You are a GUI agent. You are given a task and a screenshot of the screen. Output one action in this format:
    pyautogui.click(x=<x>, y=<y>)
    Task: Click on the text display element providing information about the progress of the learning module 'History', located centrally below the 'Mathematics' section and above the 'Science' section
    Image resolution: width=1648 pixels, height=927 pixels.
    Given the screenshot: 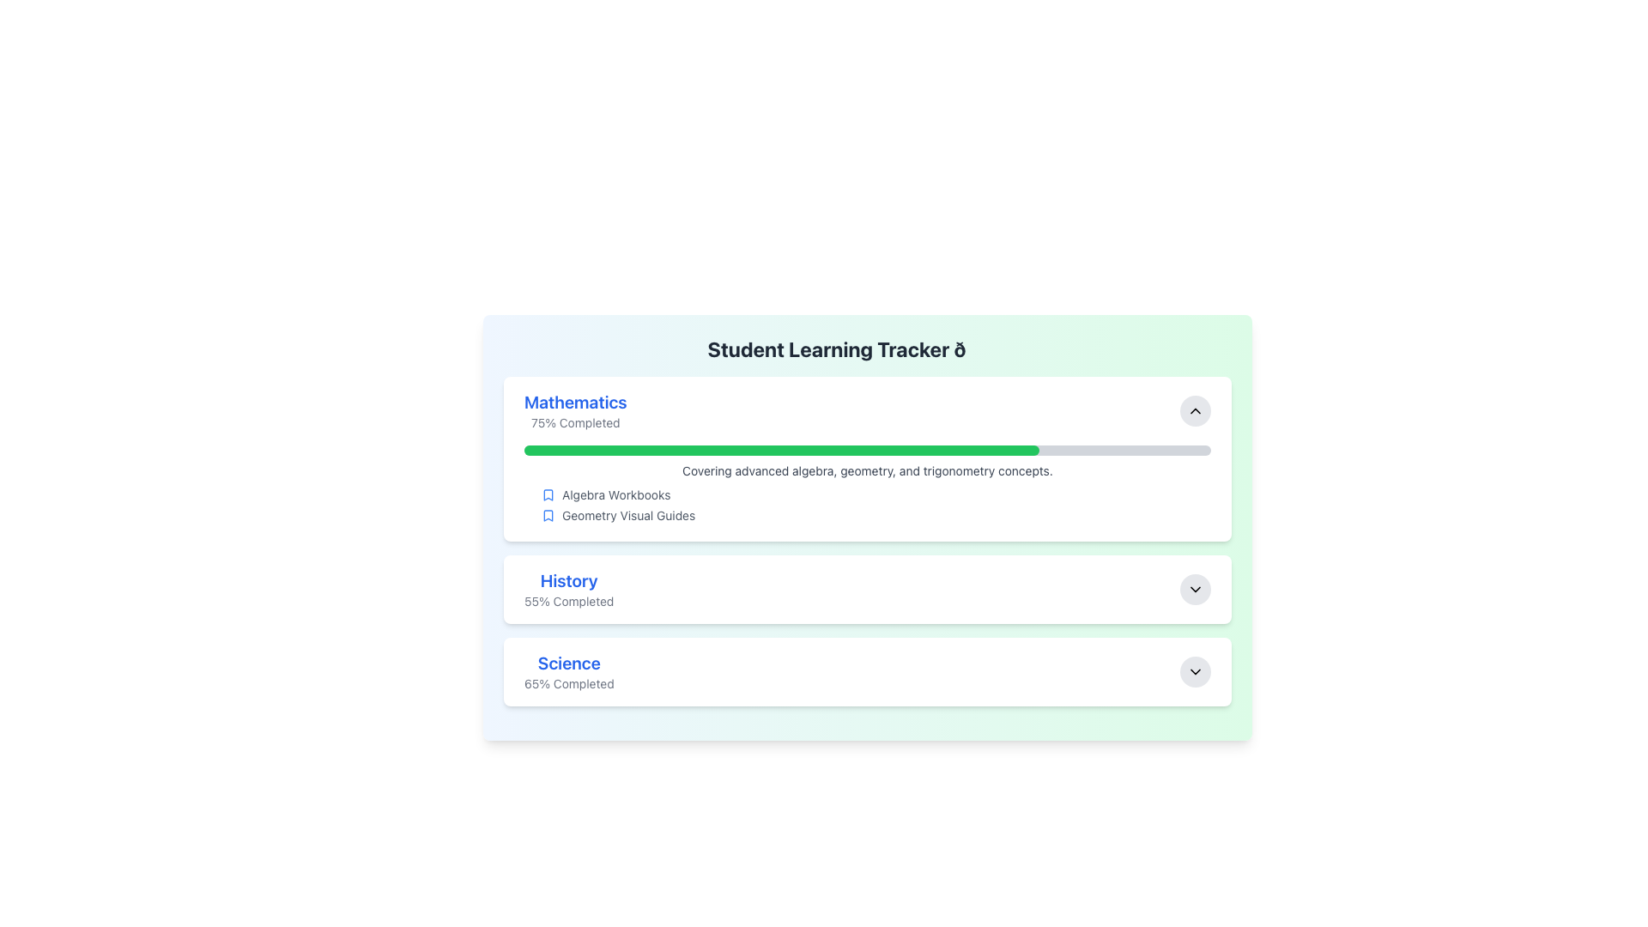 What is the action you would take?
    pyautogui.click(x=569, y=588)
    